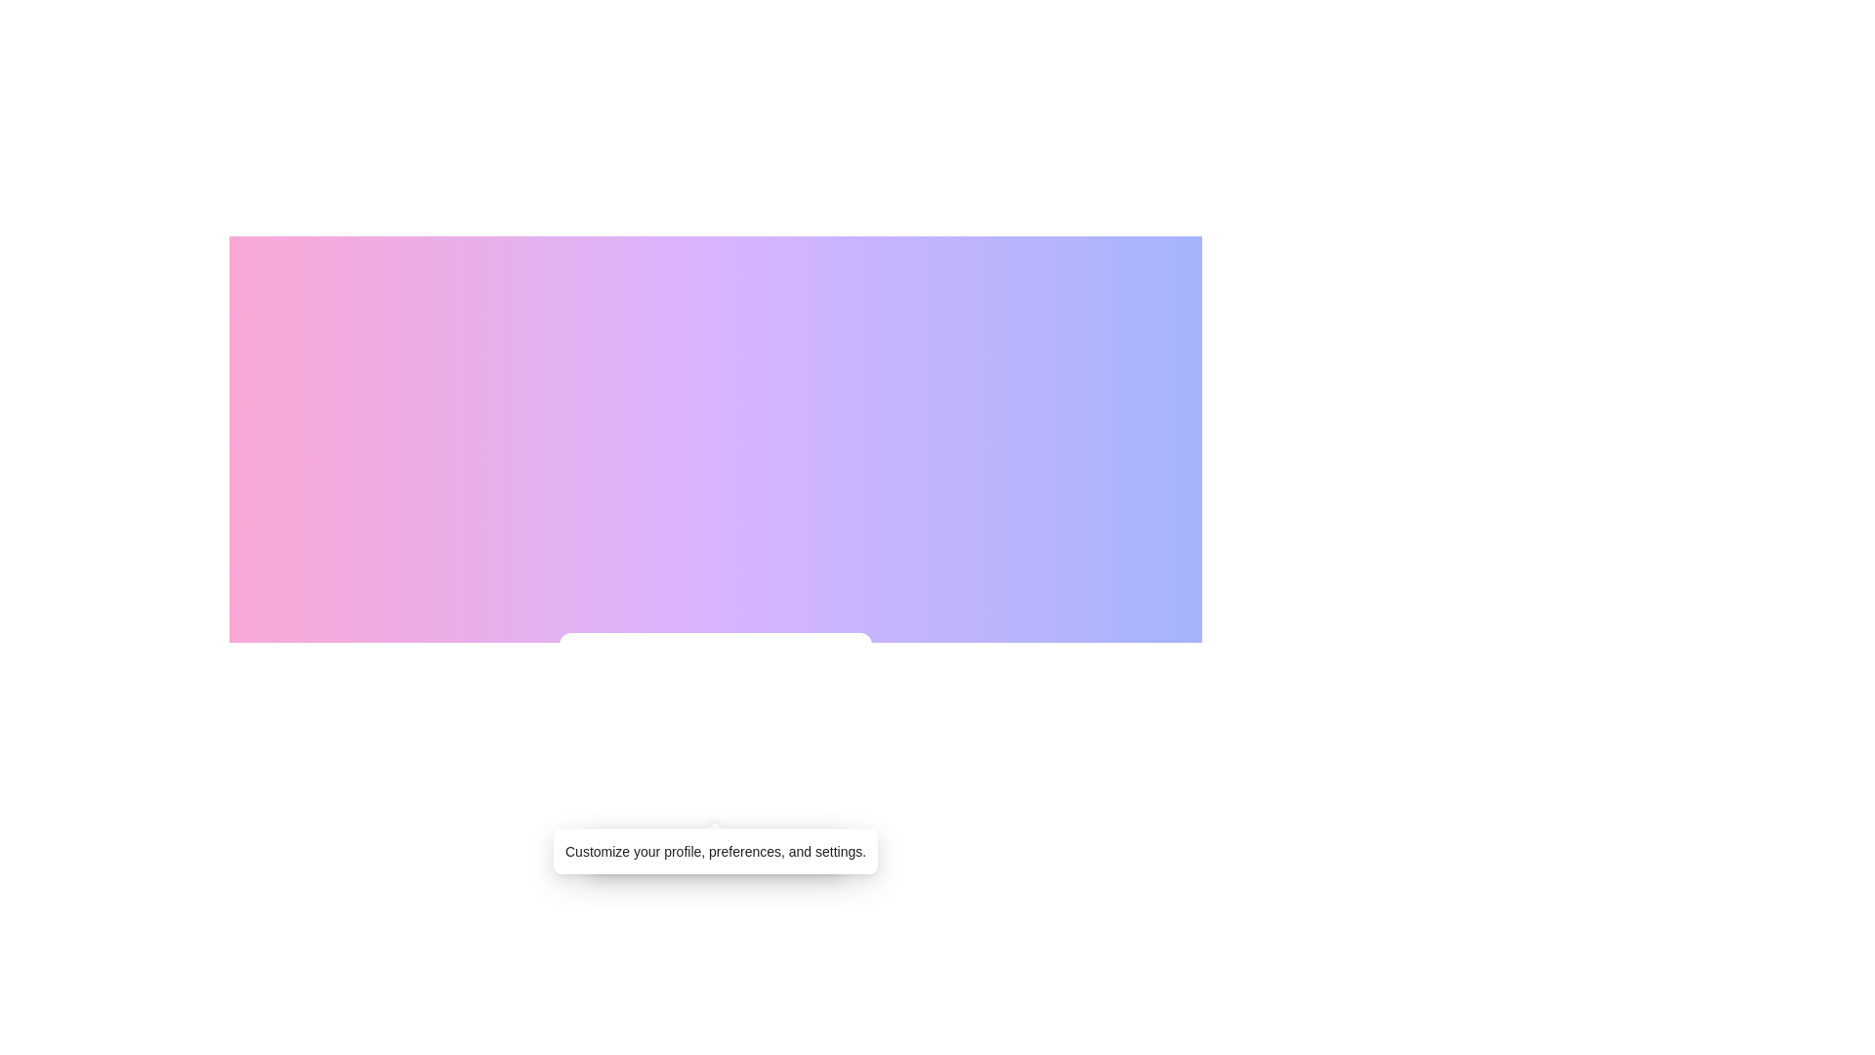 The height and width of the screenshot is (1055, 1875). Describe the element at coordinates (715, 763) in the screenshot. I see `displayed information from the profile card for user 'Jenny', which is centrally placed in the interface and contains options for managing settings and taking breaks` at that location.